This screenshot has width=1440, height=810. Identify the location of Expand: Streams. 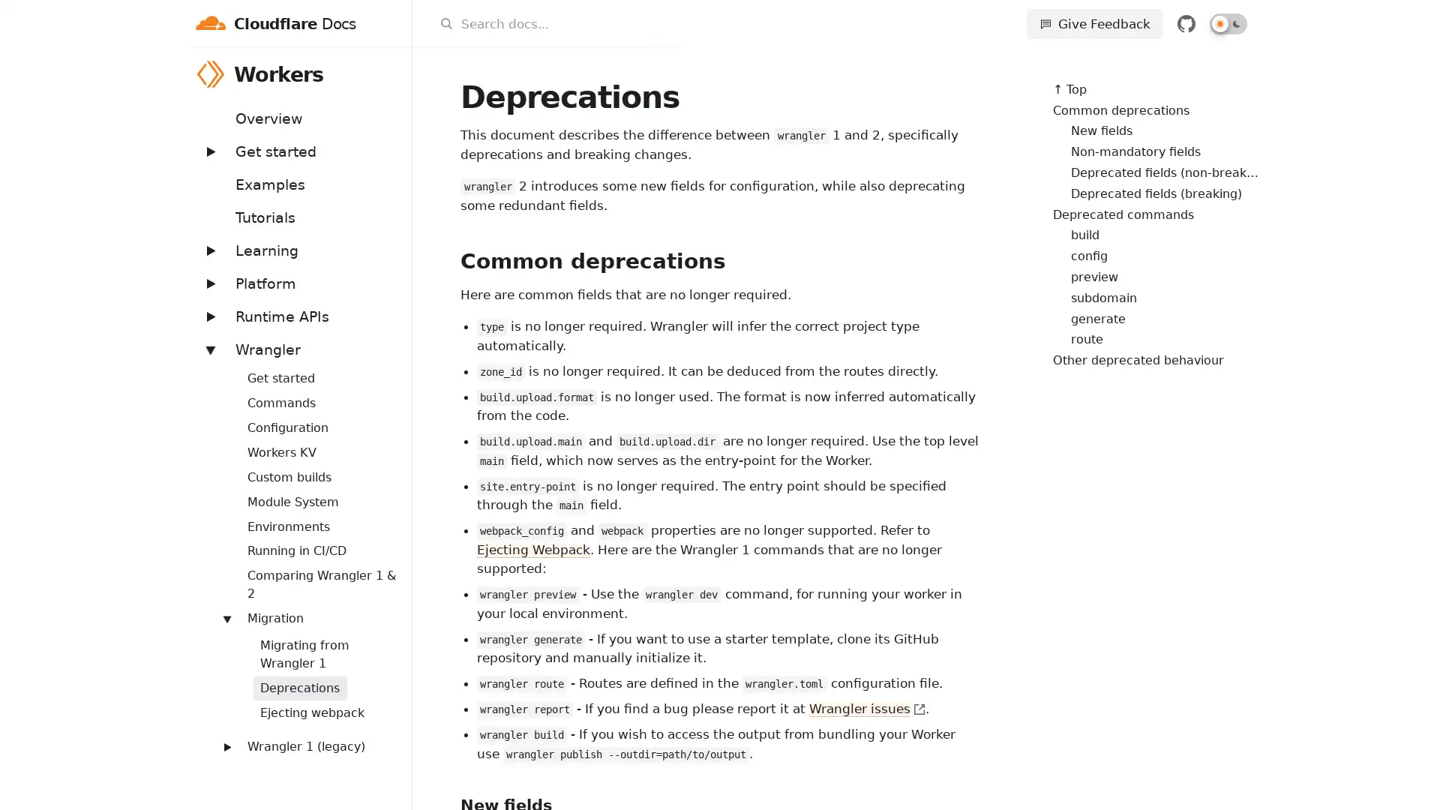
(218, 691).